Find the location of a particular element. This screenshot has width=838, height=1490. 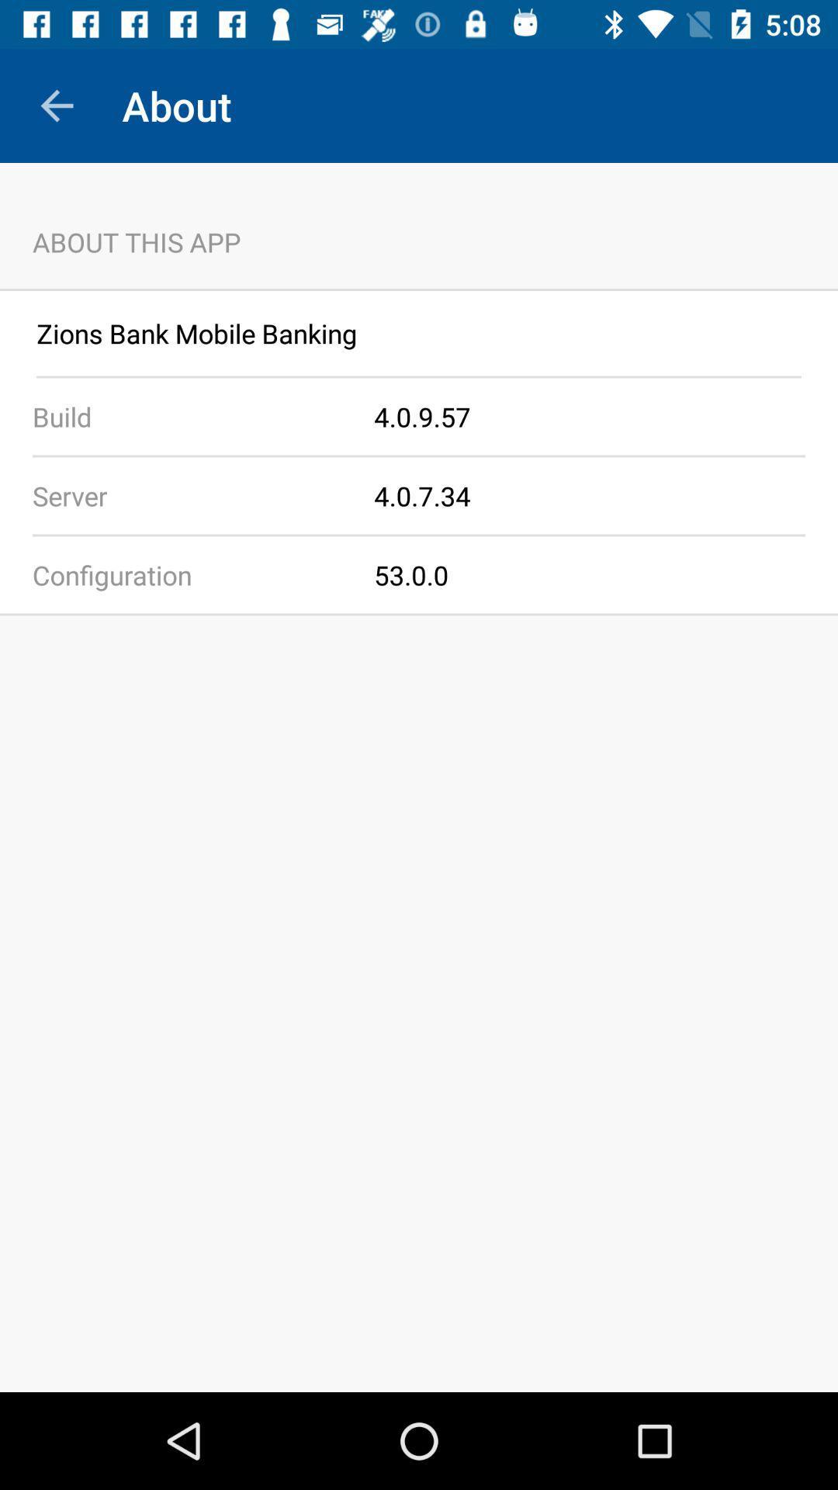

app above about this app is located at coordinates (56, 105).